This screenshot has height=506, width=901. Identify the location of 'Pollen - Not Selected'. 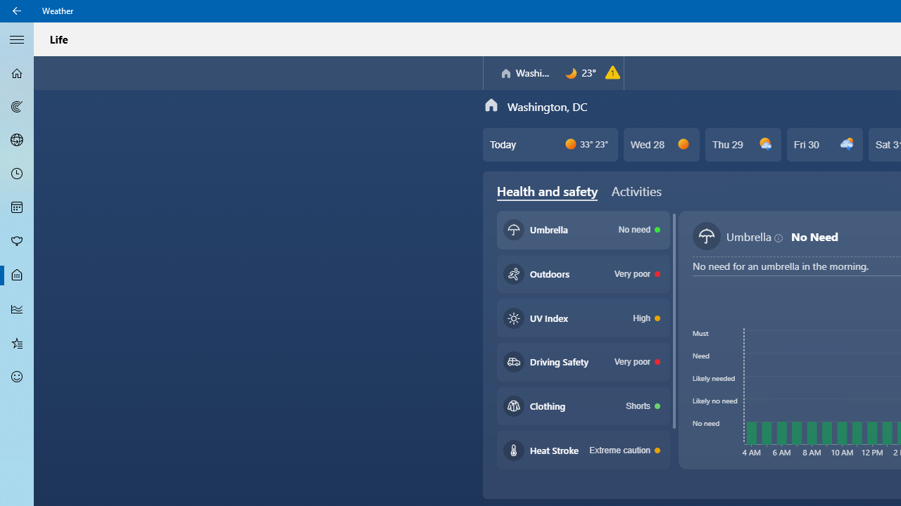
(17, 240).